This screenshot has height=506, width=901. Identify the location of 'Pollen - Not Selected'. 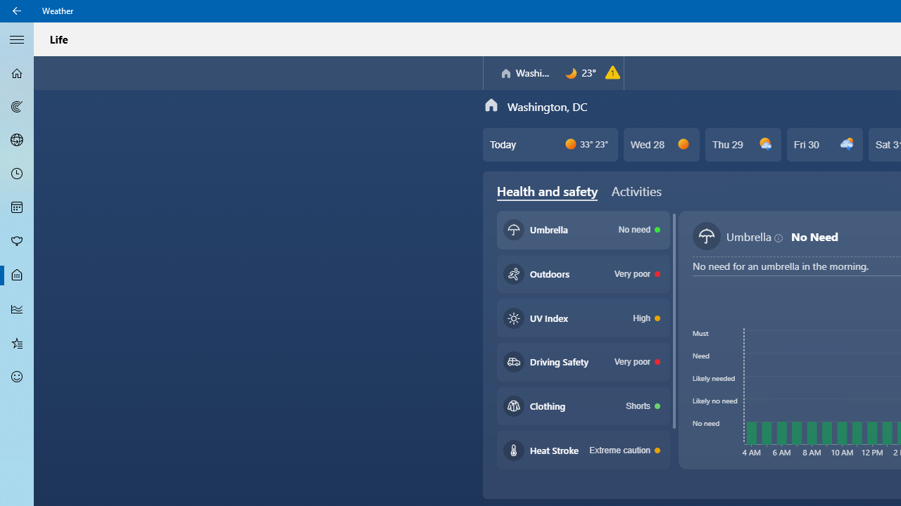
(17, 240).